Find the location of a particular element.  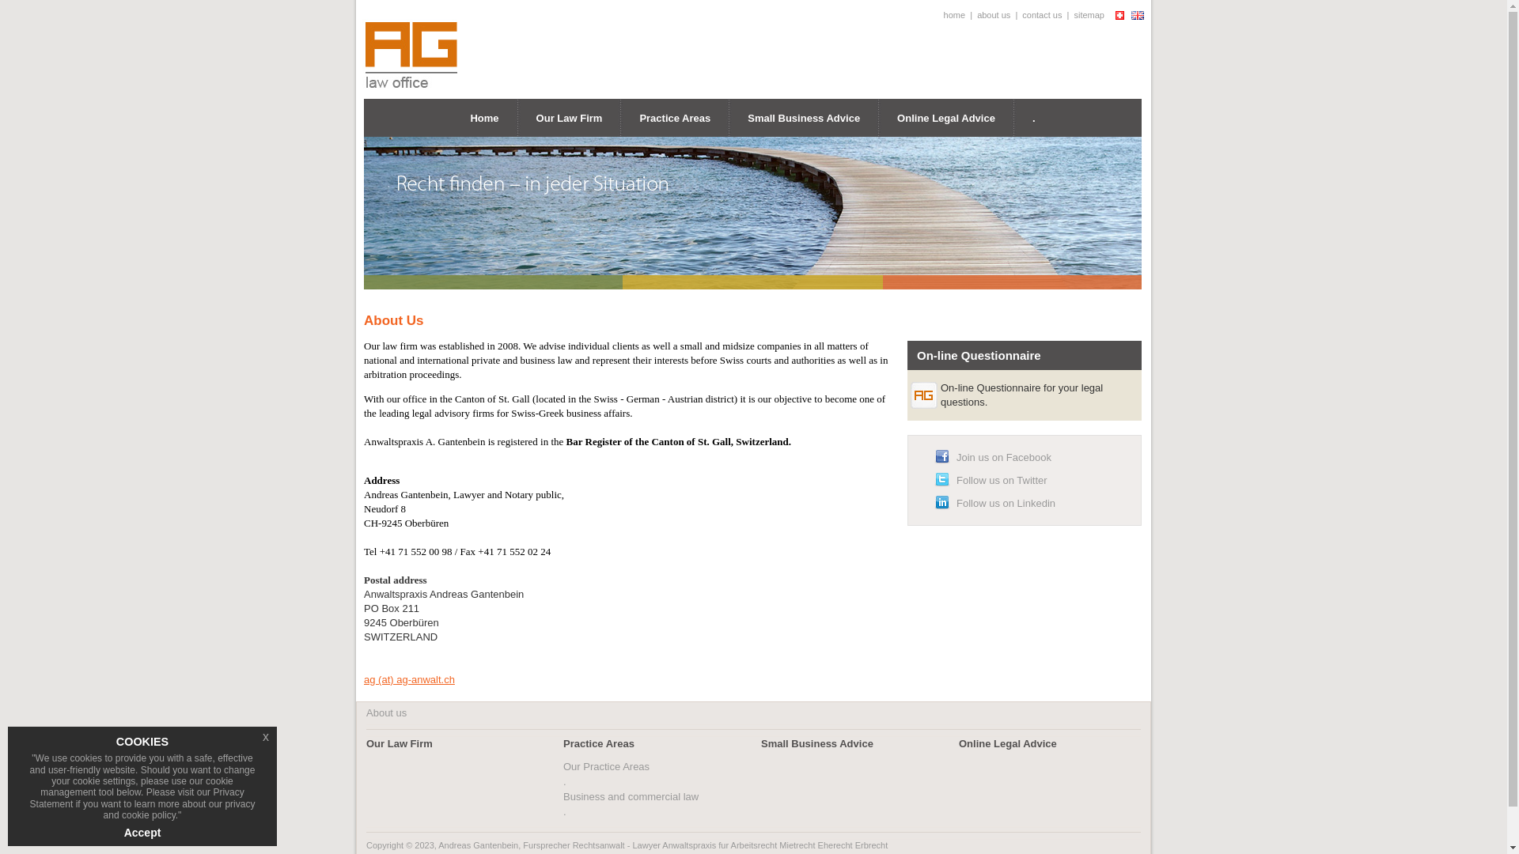

'Follow us on Linkedin' is located at coordinates (1005, 503).